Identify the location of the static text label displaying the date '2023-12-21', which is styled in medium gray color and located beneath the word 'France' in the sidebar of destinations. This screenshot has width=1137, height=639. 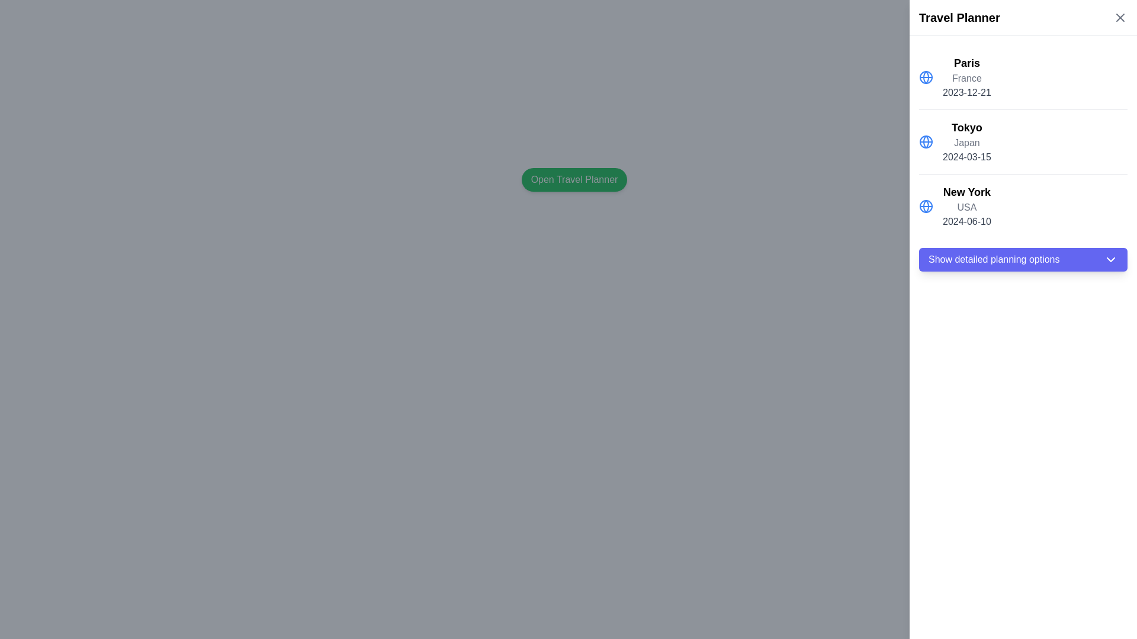
(966, 92).